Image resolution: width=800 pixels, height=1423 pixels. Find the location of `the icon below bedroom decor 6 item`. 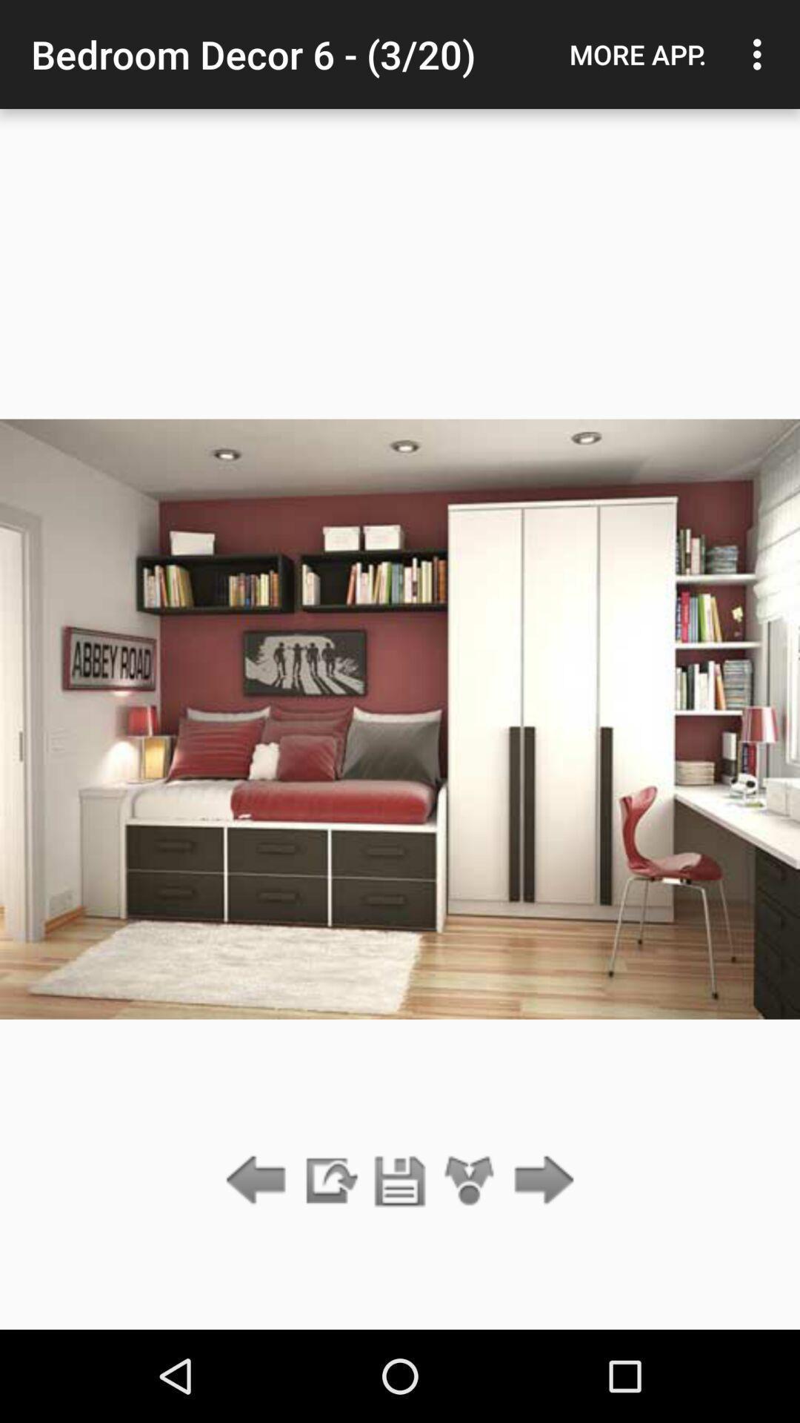

the icon below bedroom decor 6 item is located at coordinates (470, 1181).